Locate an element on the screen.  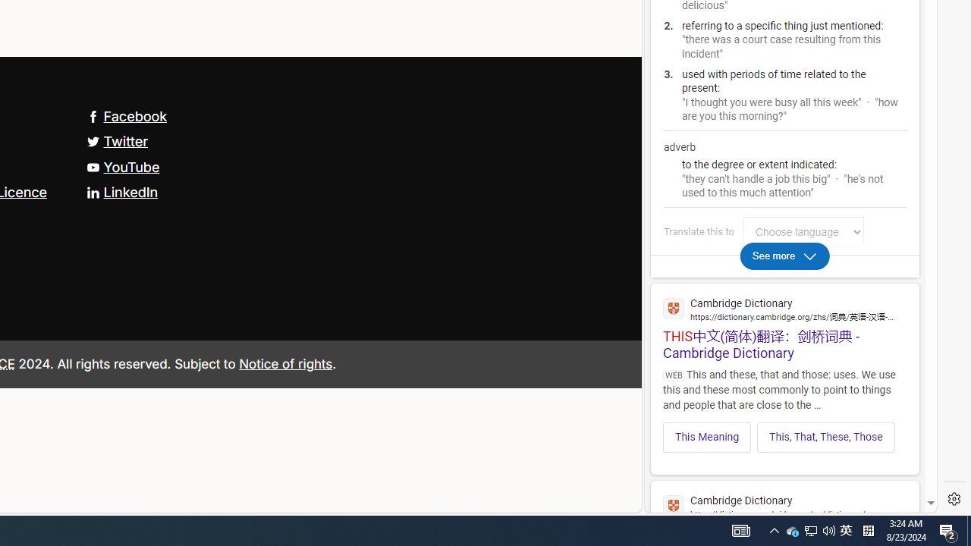
'Notice of rights' is located at coordinates (285, 363).